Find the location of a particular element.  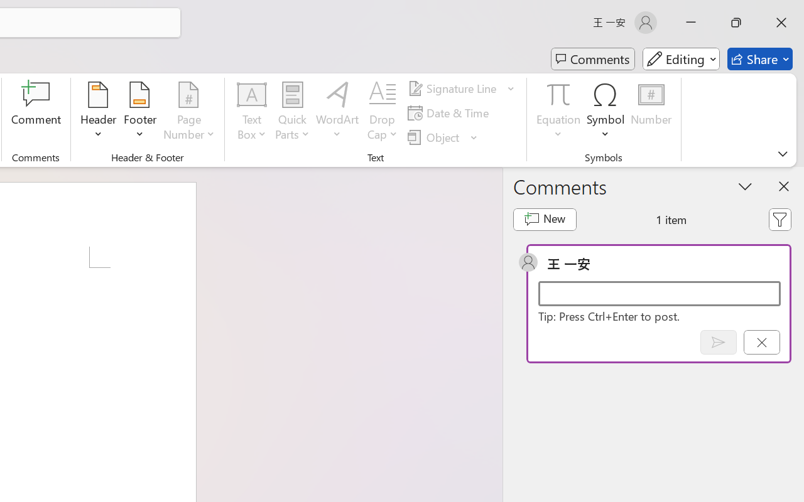

'Filter' is located at coordinates (779, 220).